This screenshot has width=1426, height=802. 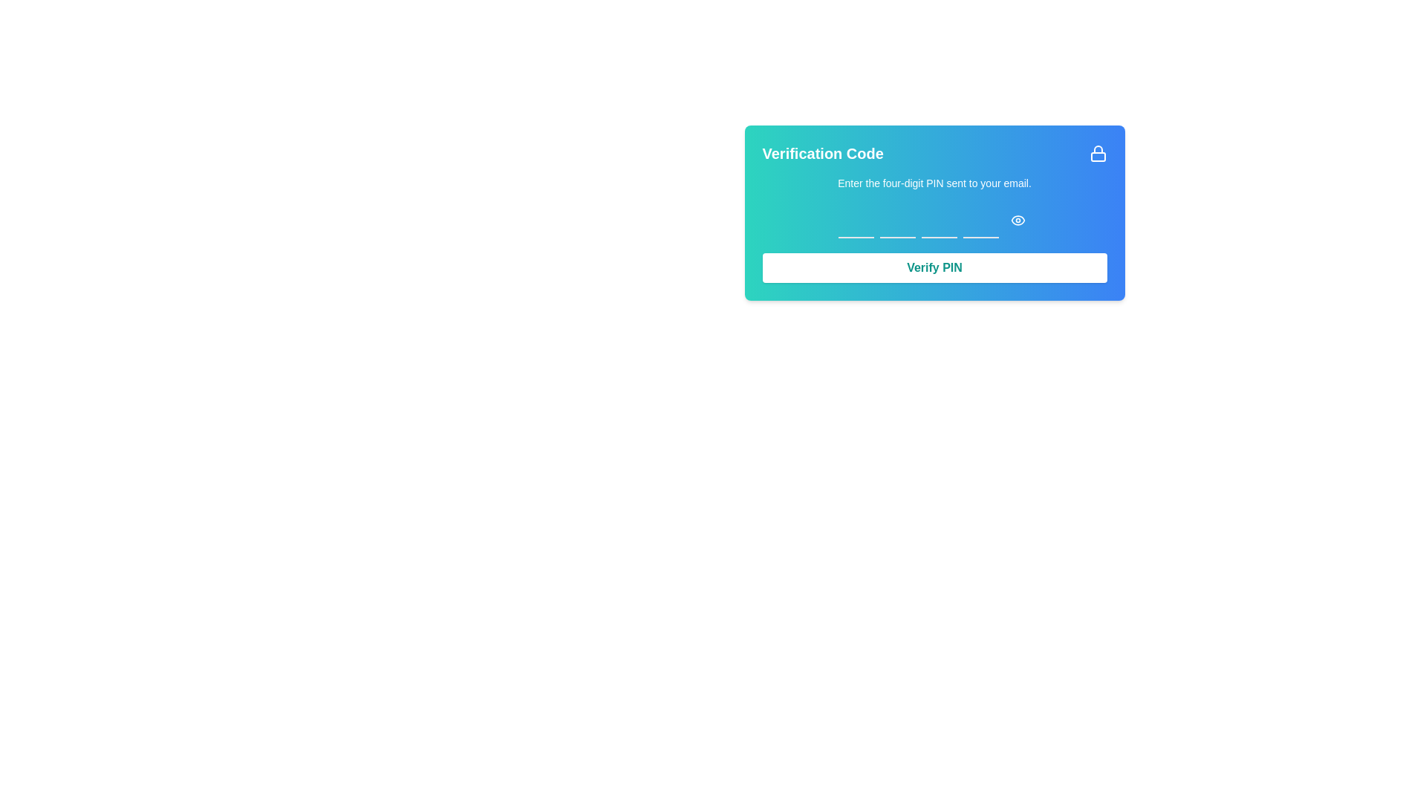 I want to click on blue rectangular shackle element located inside the lock icon at the top-right corner of the verification code box by opening the developer tools, so click(x=1098, y=157).